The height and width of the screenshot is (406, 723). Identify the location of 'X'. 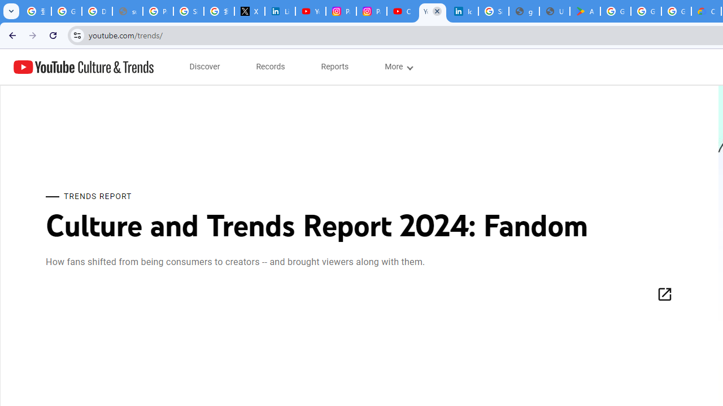
(249, 11).